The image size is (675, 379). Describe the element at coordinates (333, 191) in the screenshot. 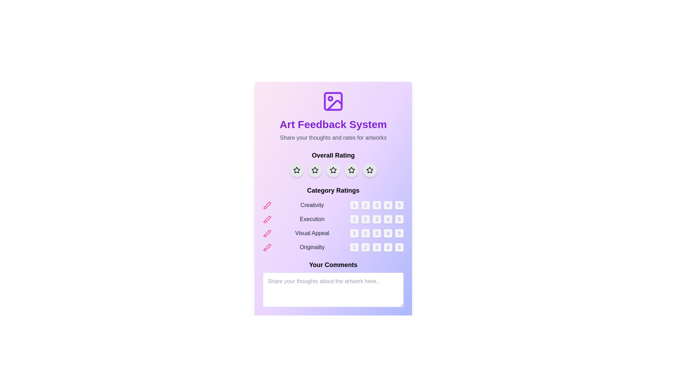

I see `the header text that marks the beginning of the category rating section, located beneath 'Overall Rating' and above the list of categories` at that location.